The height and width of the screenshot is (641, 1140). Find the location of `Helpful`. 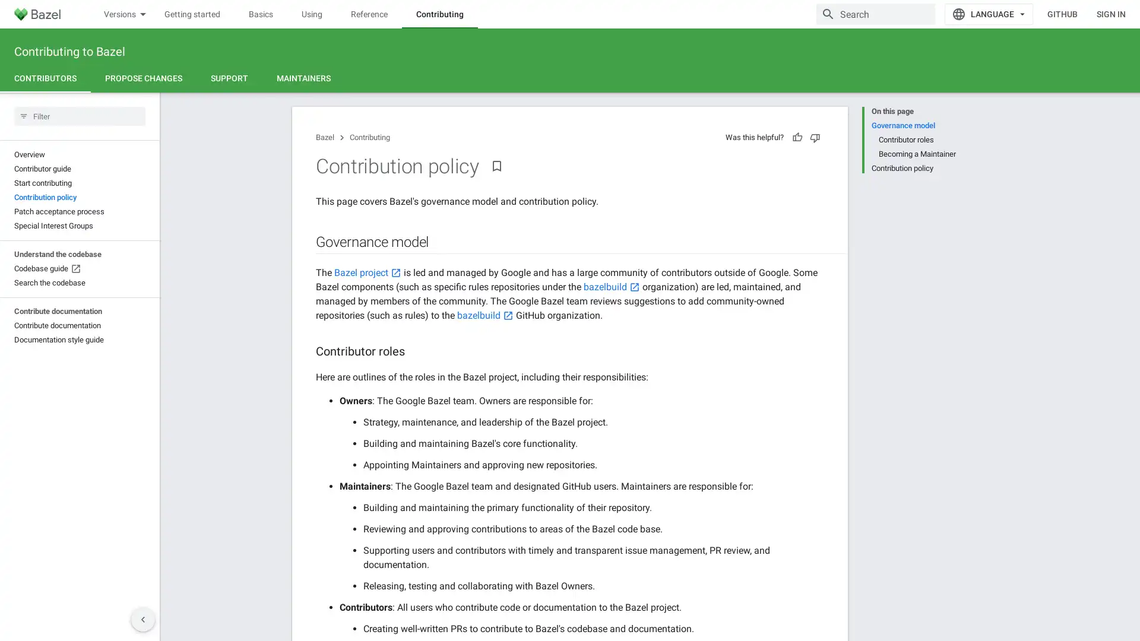

Helpful is located at coordinates (797, 137).